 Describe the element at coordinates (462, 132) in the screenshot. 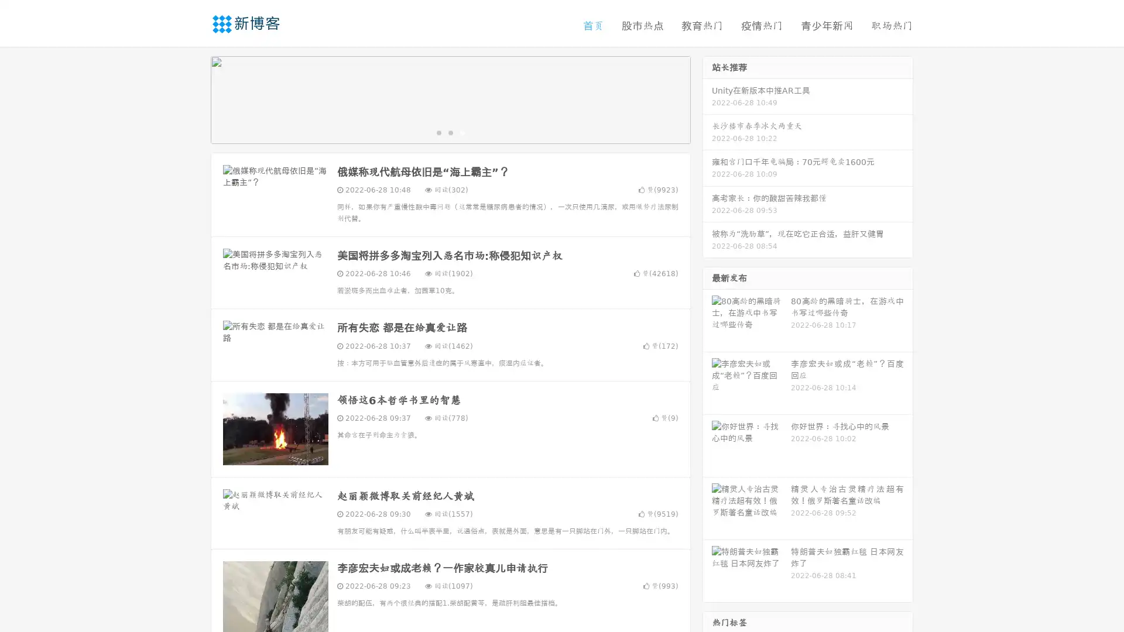

I see `Go to slide 3` at that location.